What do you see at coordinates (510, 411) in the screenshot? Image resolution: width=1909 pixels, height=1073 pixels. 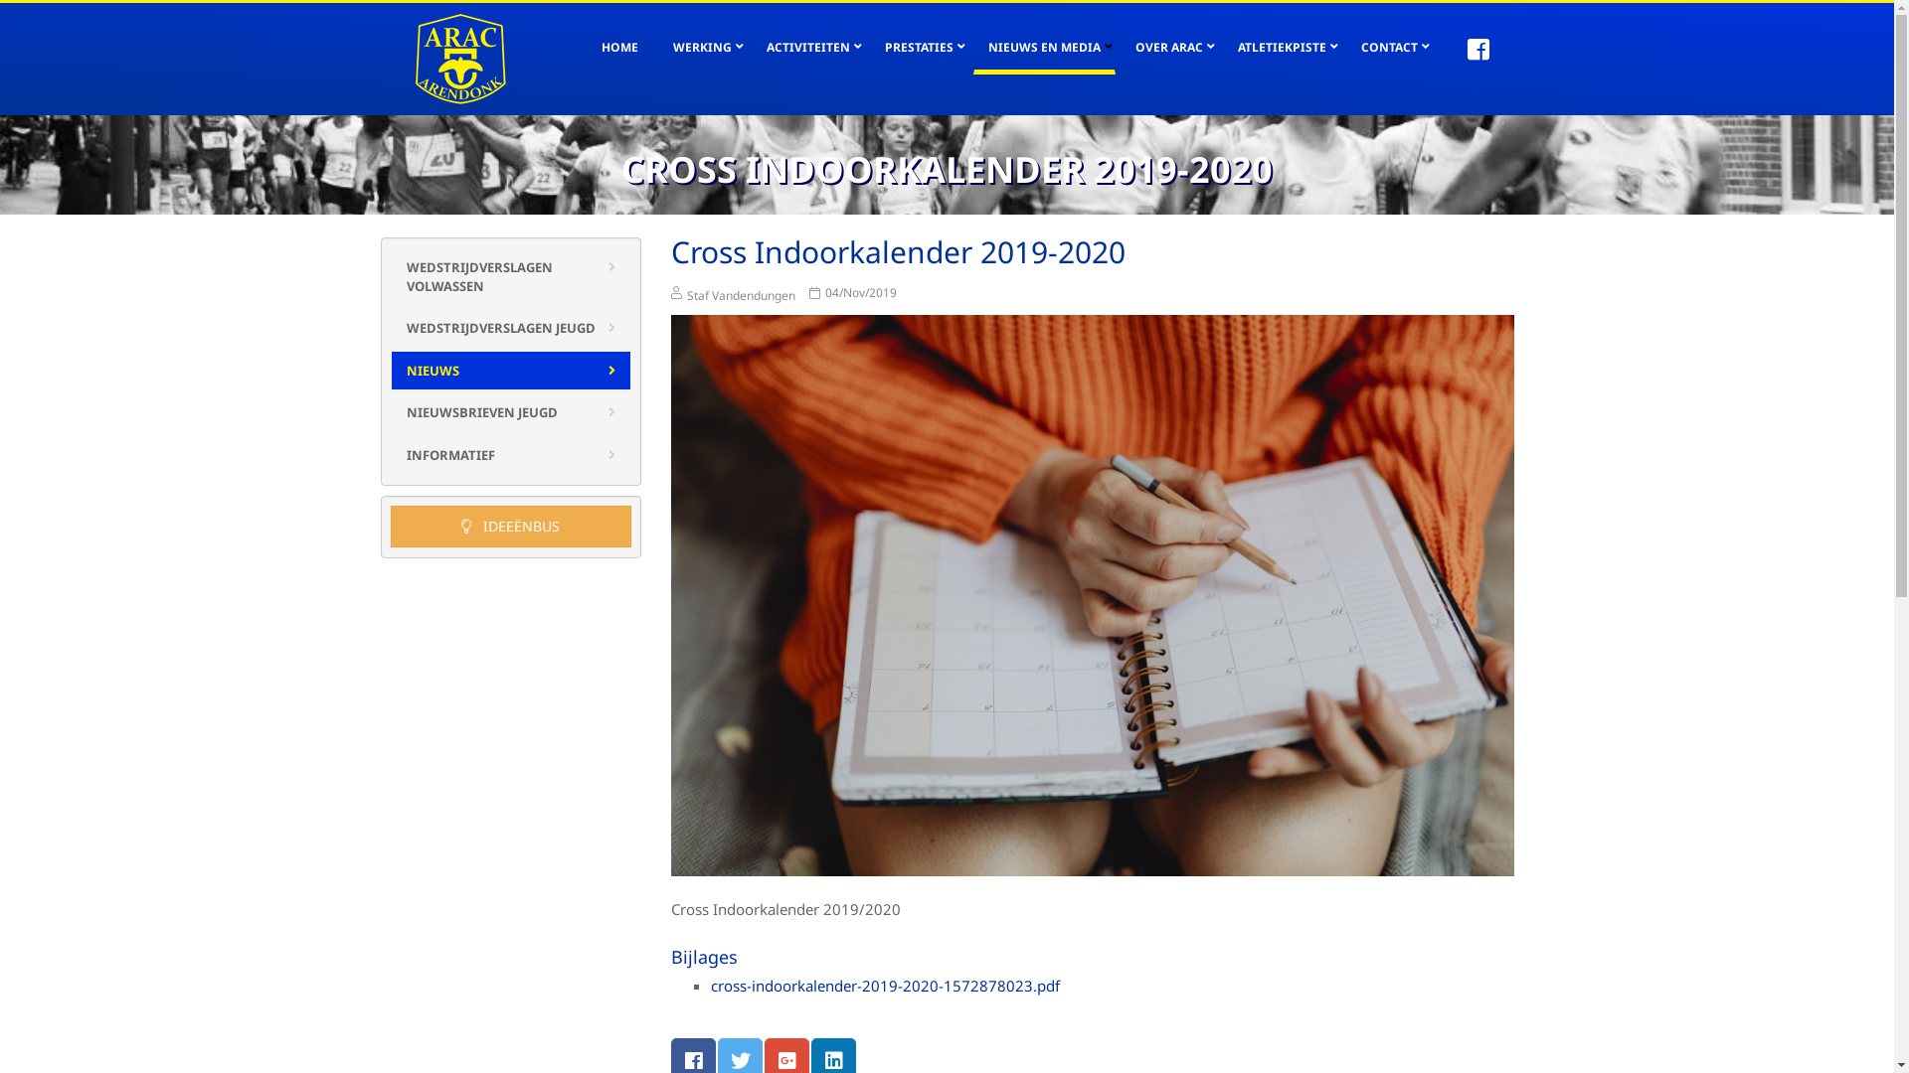 I see `'NIEUWSBRIEVEN JEUGD'` at bounding box center [510, 411].